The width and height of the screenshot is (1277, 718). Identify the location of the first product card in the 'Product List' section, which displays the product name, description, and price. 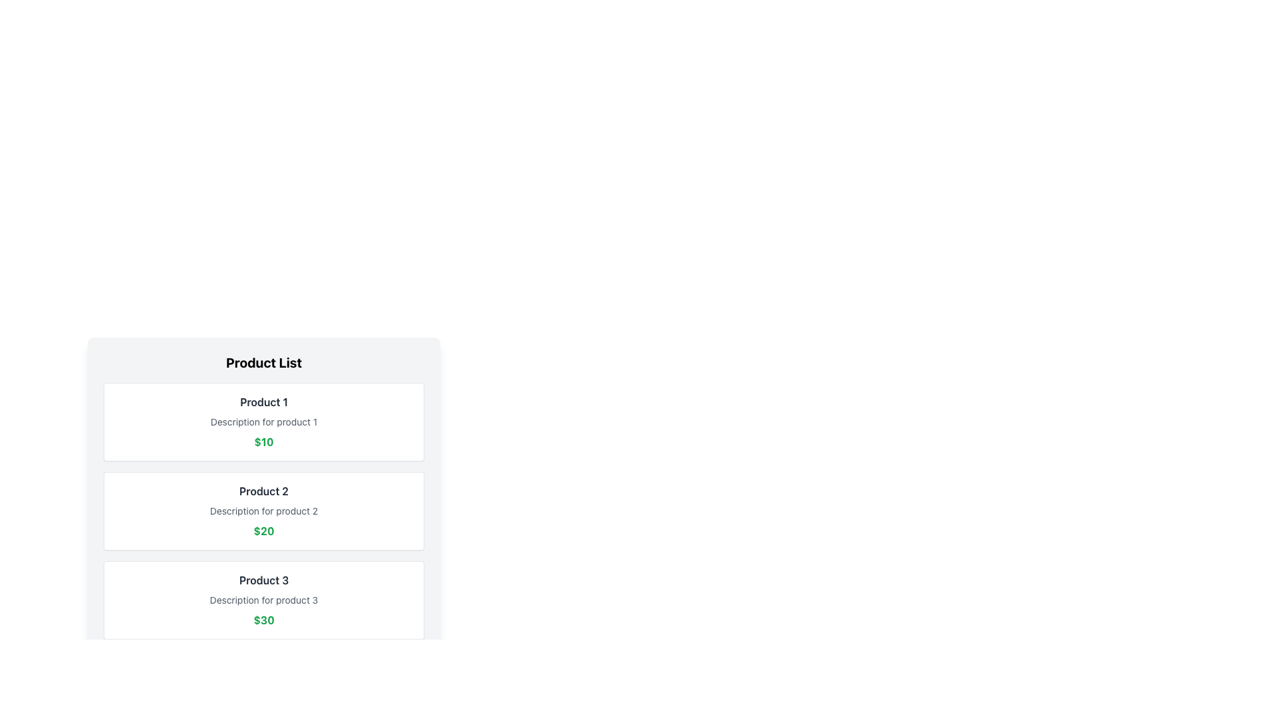
(264, 422).